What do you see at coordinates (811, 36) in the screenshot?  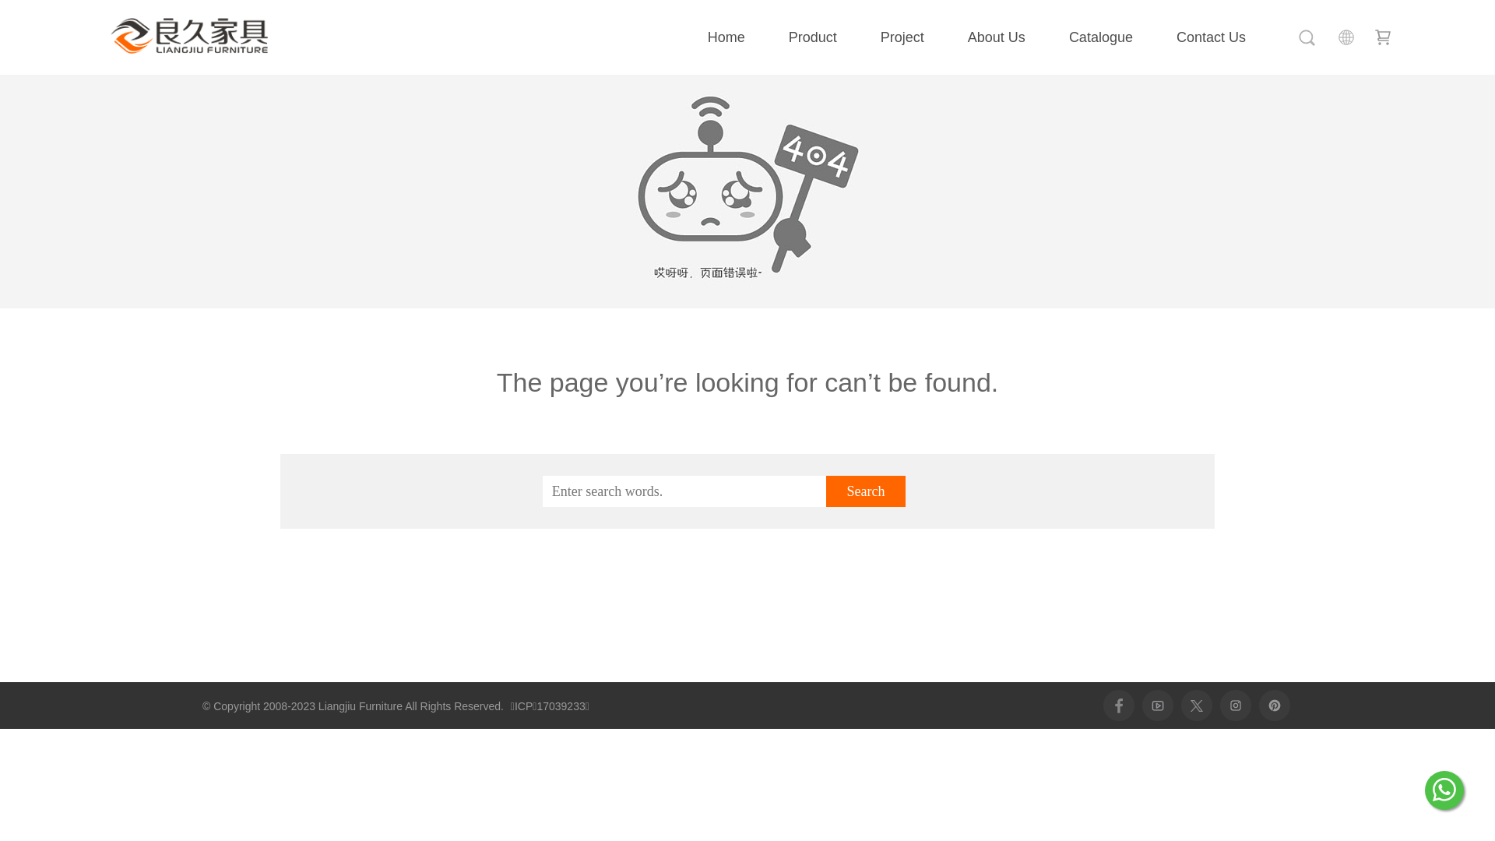 I see `'Product'` at bounding box center [811, 36].